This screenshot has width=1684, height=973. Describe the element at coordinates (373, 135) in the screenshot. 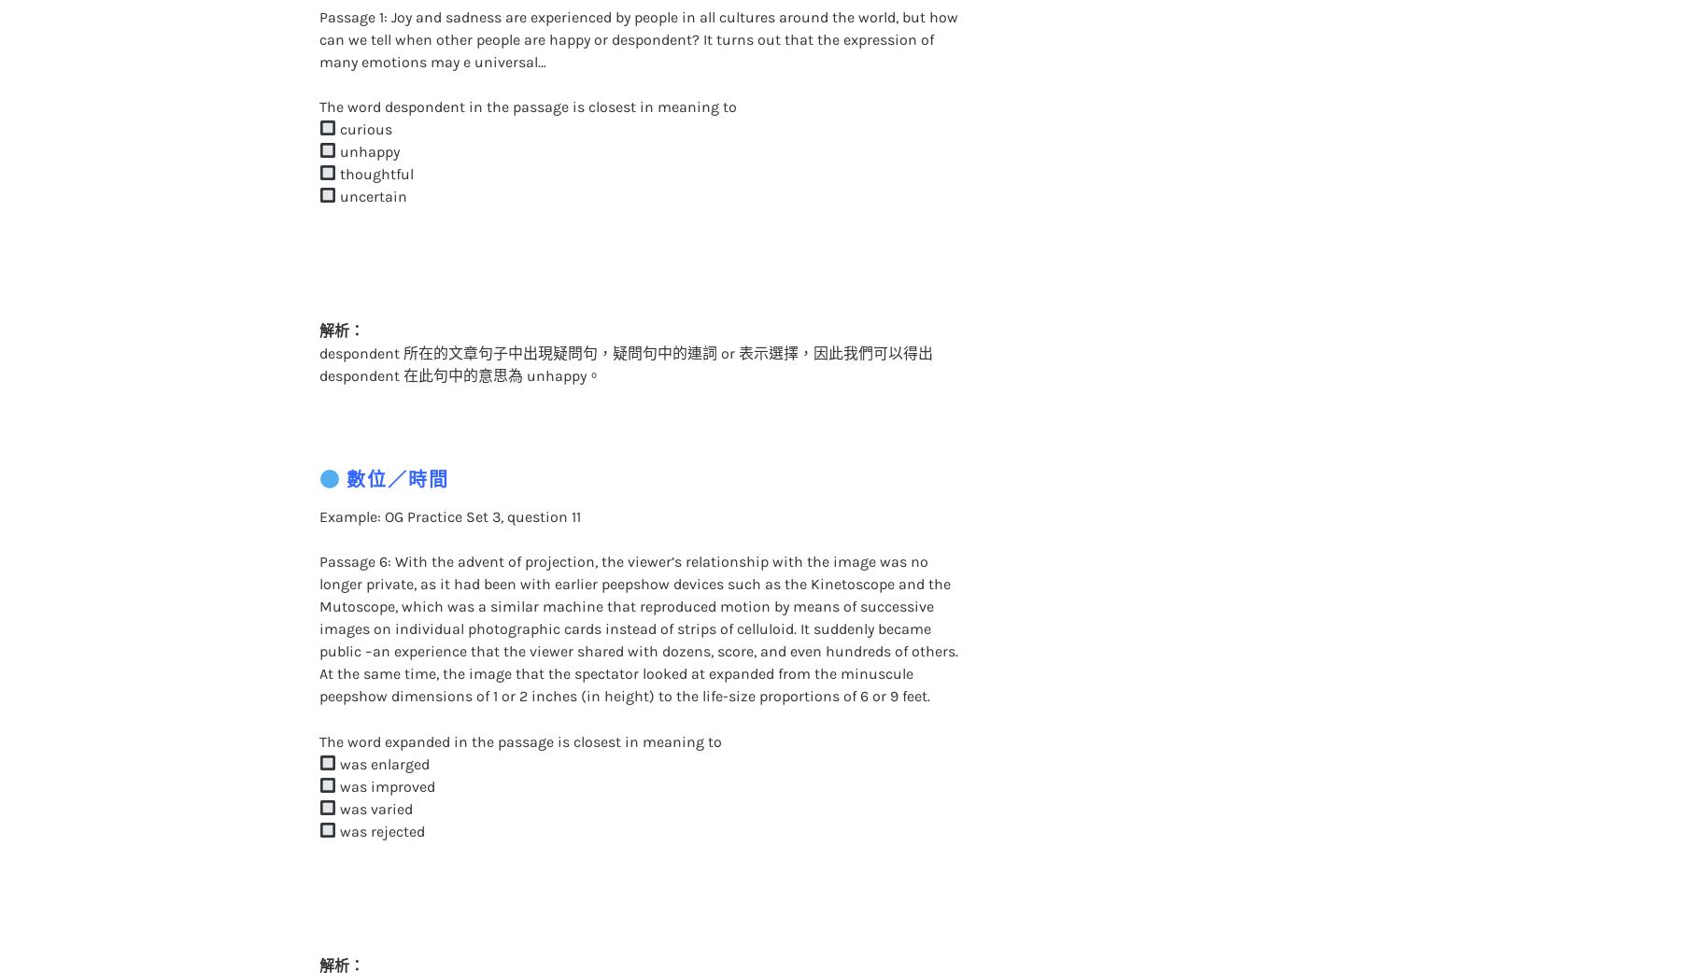

I see `'thoughtful'` at that location.